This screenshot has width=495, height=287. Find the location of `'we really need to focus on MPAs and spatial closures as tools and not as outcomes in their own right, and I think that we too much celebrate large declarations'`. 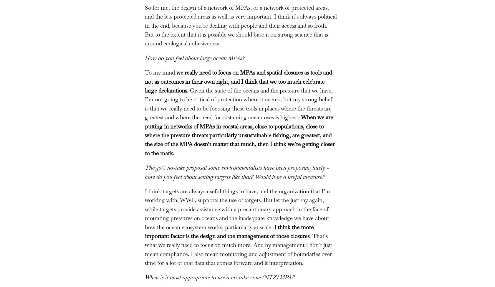

'we really need to focus on MPAs and spatial closures as tools and not as outcomes in their own right, and I think that we too much celebrate large declarations' is located at coordinates (238, 81).